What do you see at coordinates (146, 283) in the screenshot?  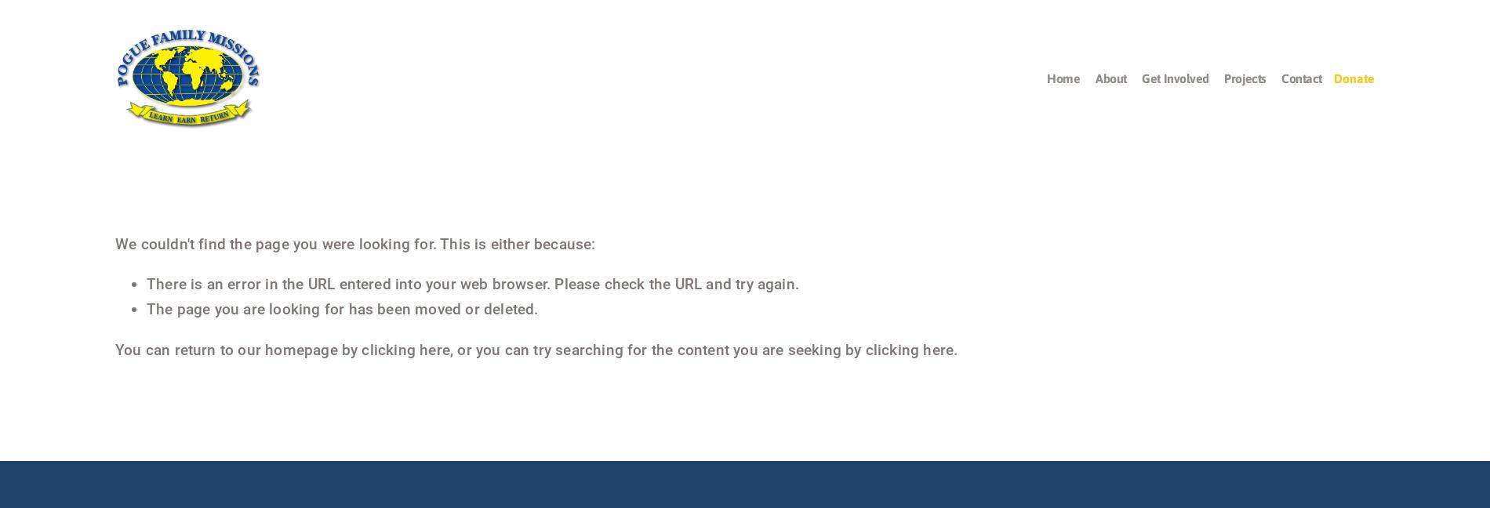 I see `'There is an error in the URL entered into your web browser. Please check the URL and try again.'` at bounding box center [146, 283].